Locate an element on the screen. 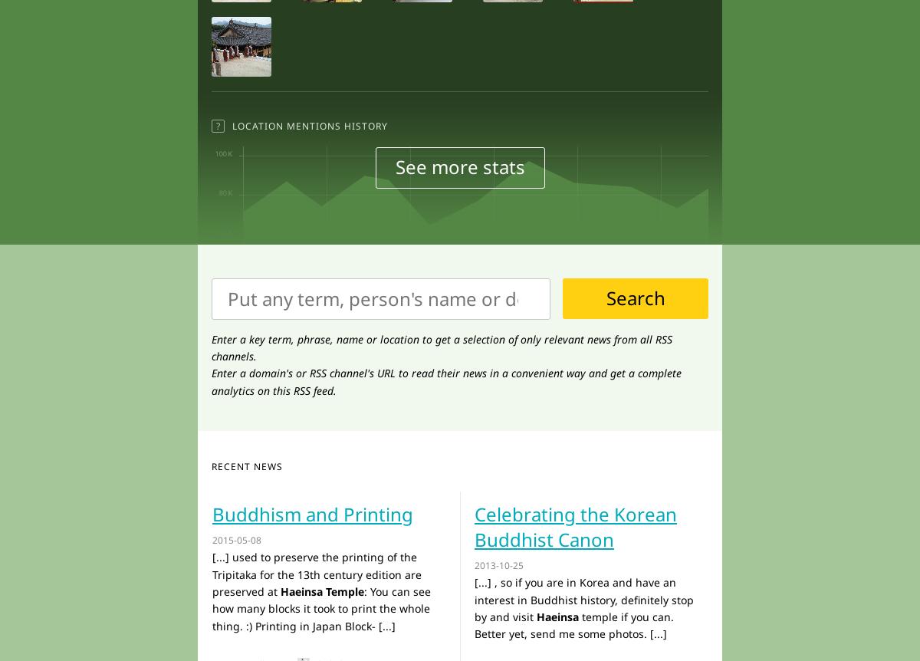 Image resolution: width=920 pixels, height=661 pixels. ': You can see how many blocks it took to print the whole thing. :) Printing in Japan Block- [...]' is located at coordinates (321, 607).